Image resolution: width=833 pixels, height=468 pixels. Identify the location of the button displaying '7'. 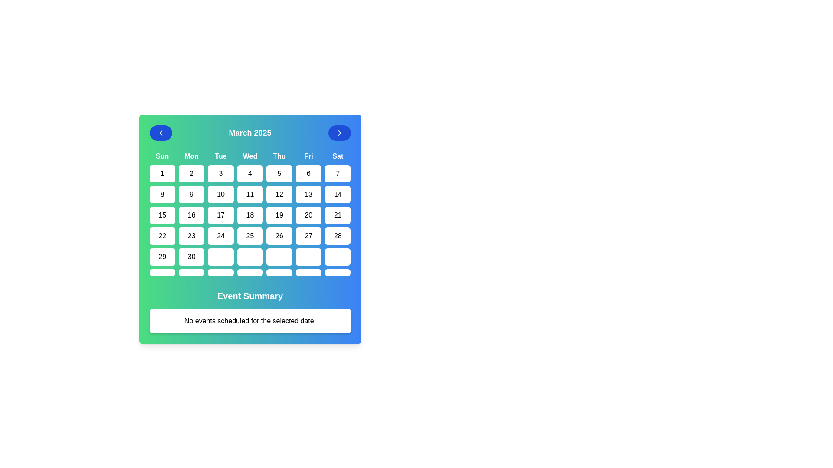
(337, 174).